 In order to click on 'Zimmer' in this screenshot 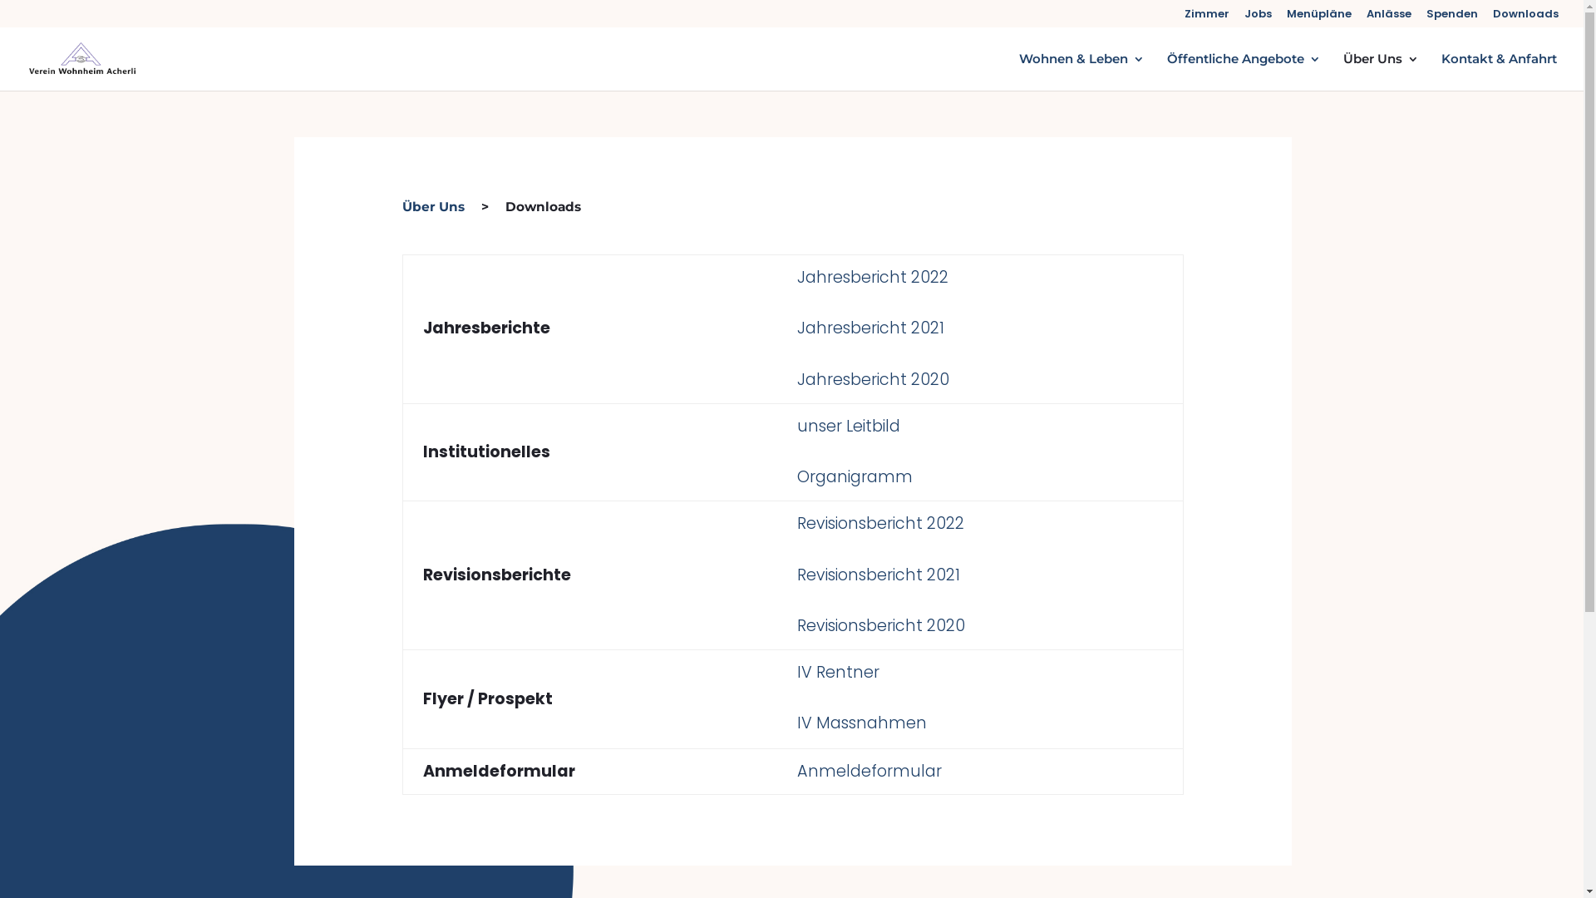, I will do `click(1206, 17)`.